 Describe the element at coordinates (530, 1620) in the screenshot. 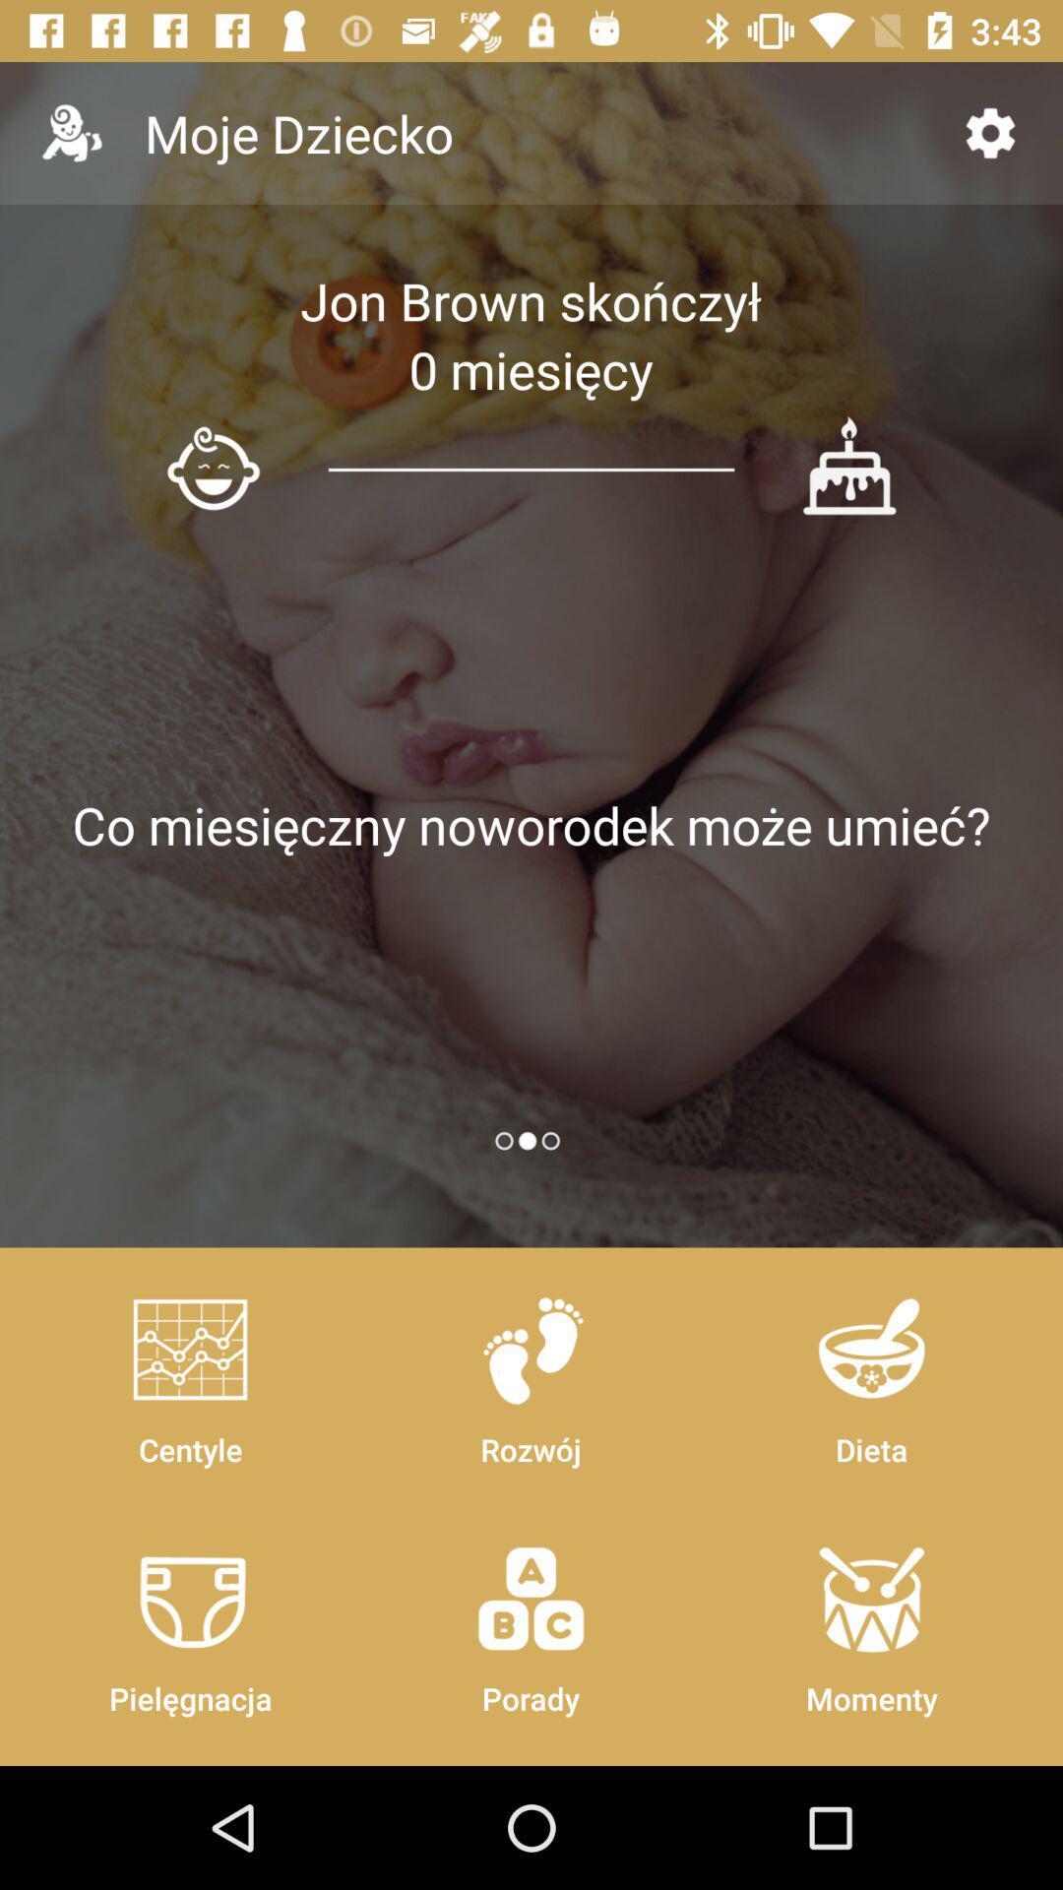

I see `the icon next to dieta icon` at that location.